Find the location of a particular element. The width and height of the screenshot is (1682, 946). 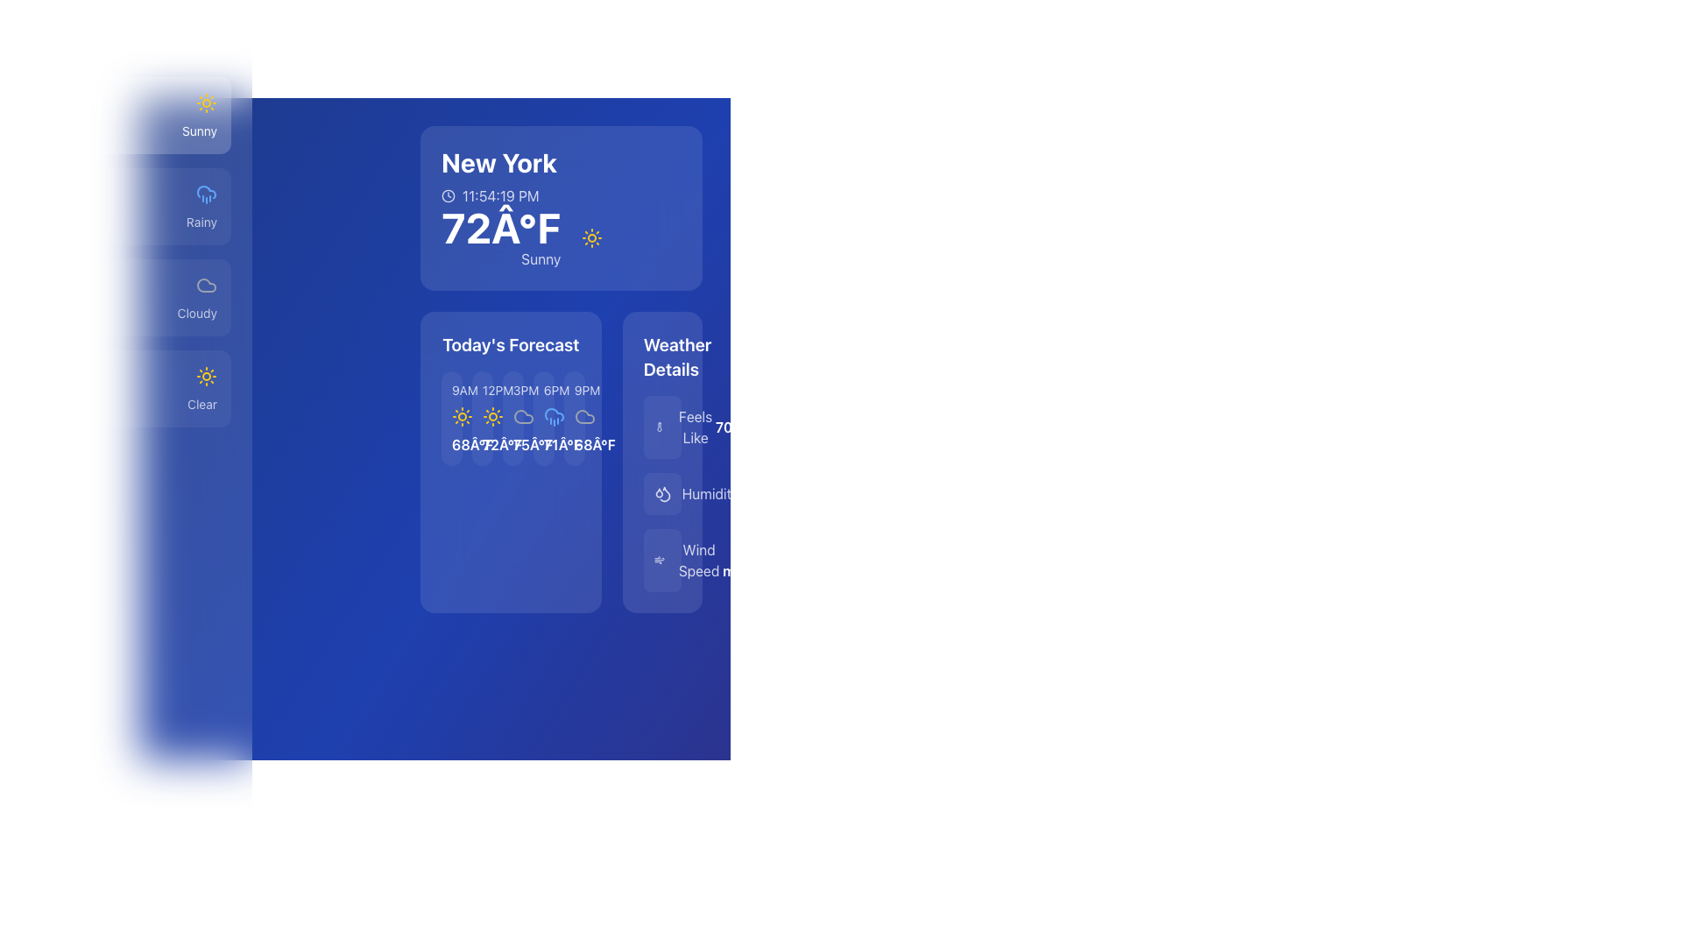

the Informative weather forecast card displaying '6PM' at the top and '71°F' at the bottom, located in the 'Today’s Forecast' section is located at coordinates (542, 419).